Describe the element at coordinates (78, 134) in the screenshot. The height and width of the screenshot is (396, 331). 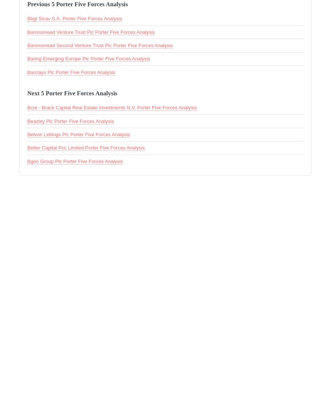
I see `'Belvoir Lettings Plc Porter Five Forces Analysis'` at that location.